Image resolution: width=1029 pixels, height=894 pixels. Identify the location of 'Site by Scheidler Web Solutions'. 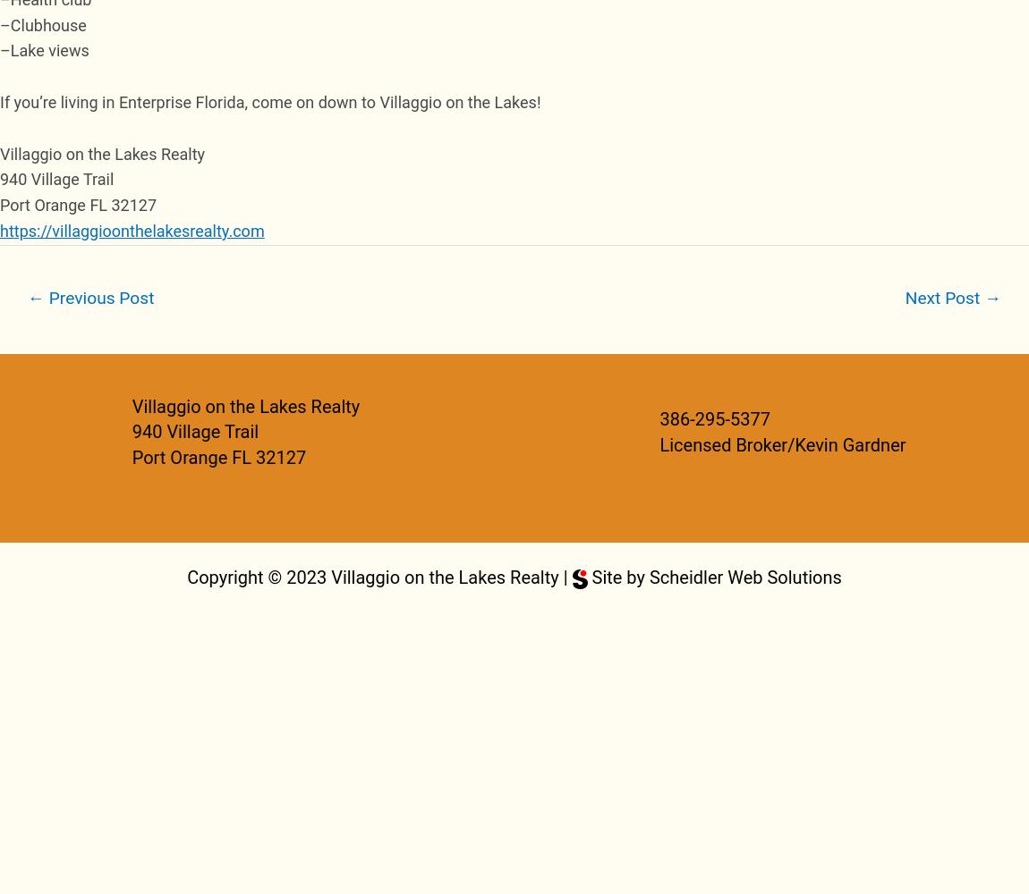
(712, 578).